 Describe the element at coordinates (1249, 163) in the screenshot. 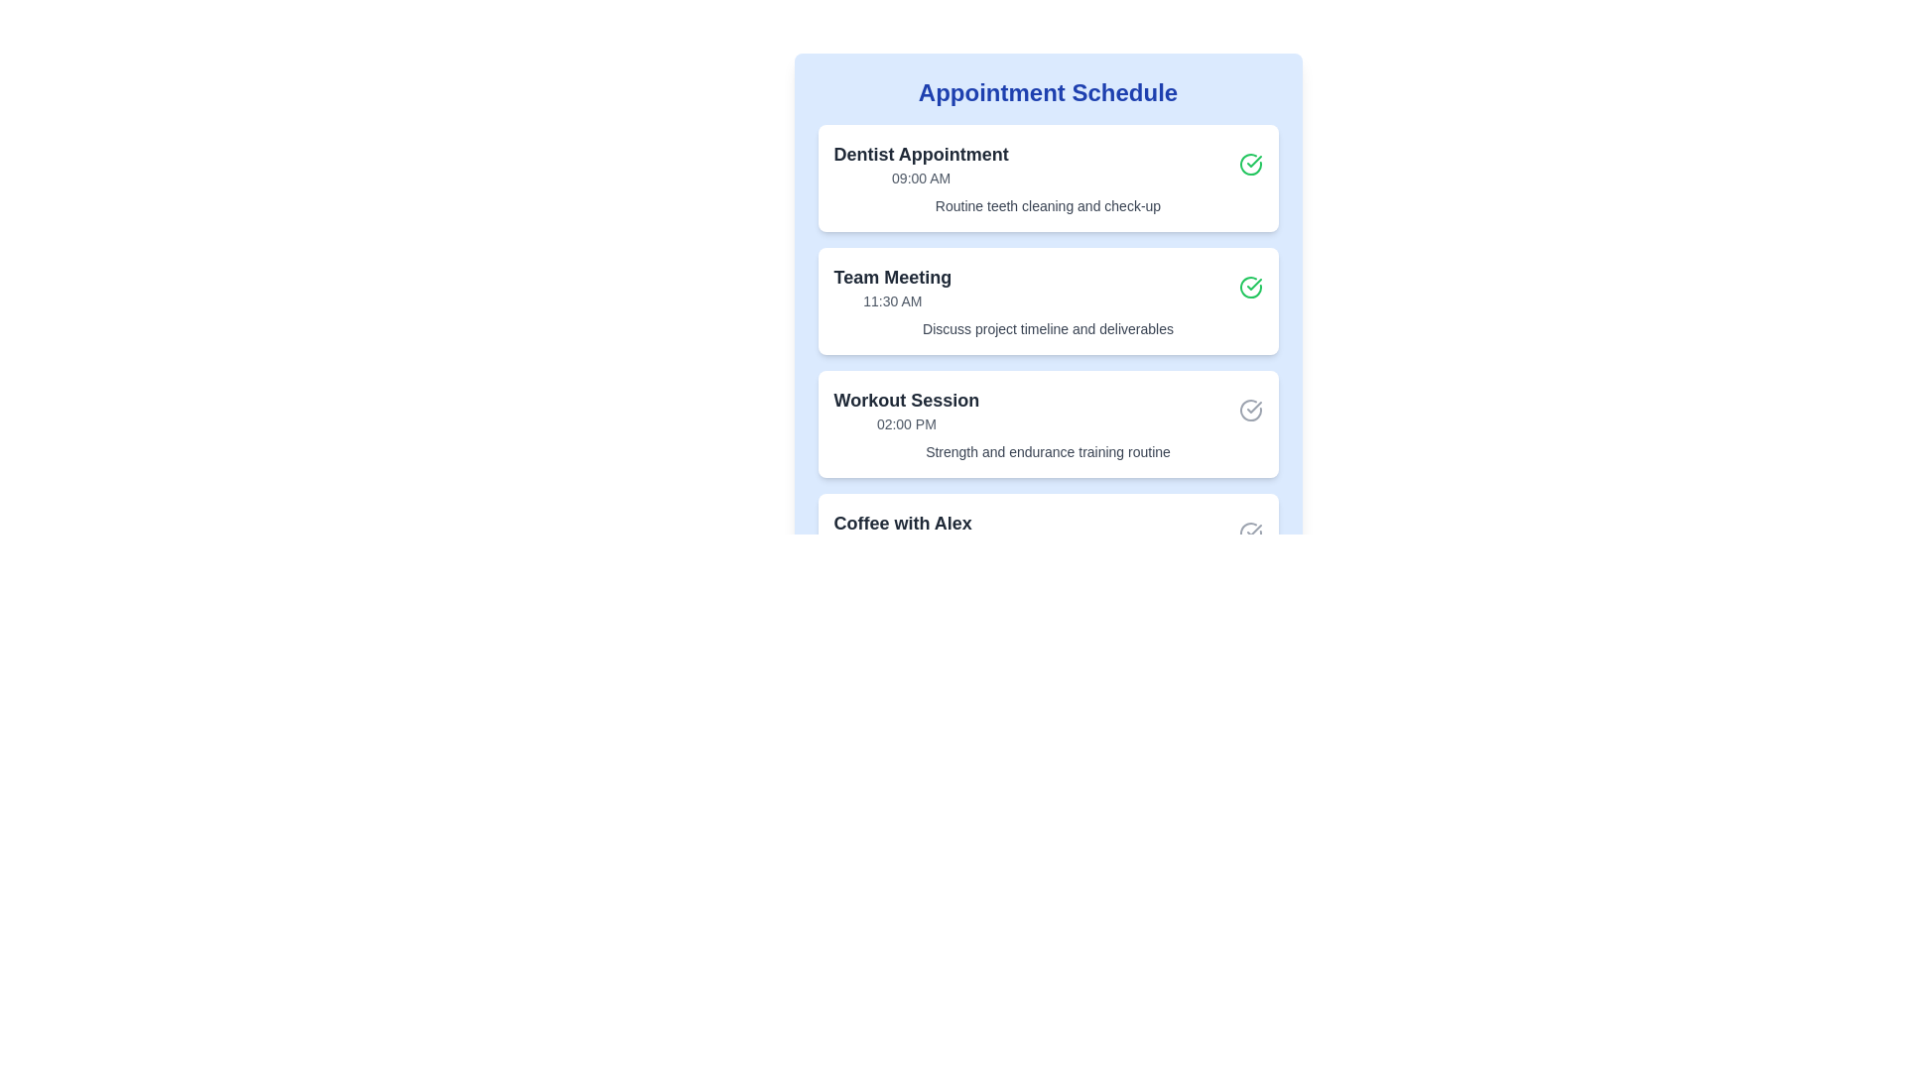

I see `the status indicator icon that represents the completion of the 'Dentist Appointment' task, located at the right side of the text 'Dentist Appointment' and '09:00 AM.'` at that location.